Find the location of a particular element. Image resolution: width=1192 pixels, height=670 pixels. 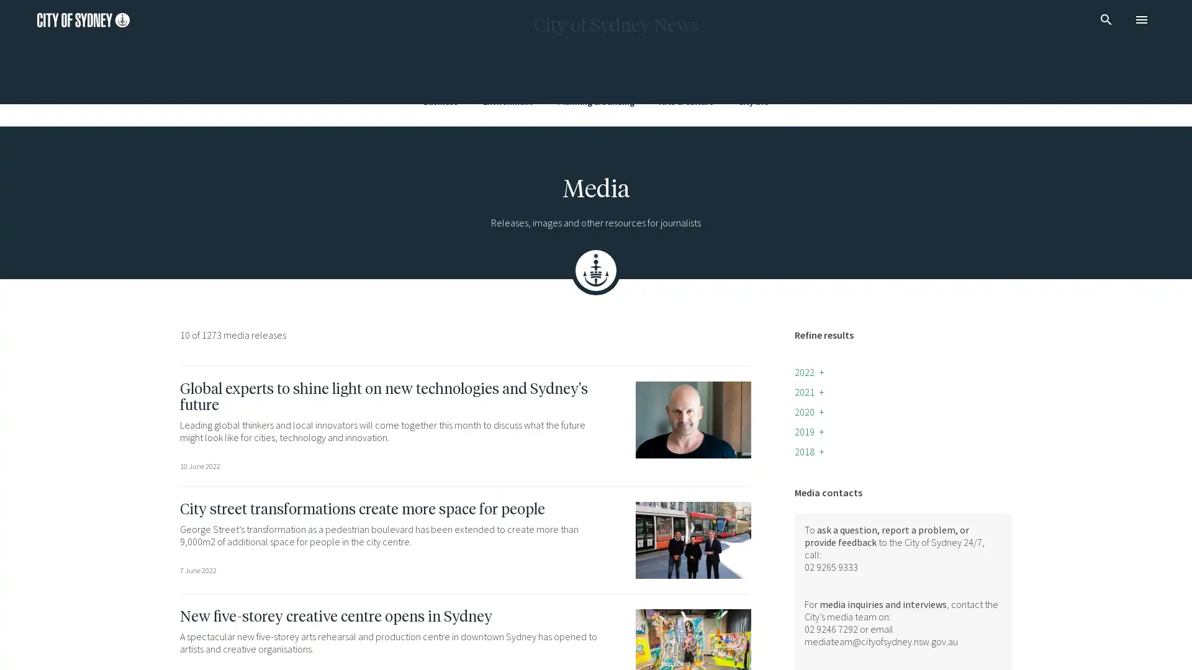

2020+ is located at coordinates (809, 411).